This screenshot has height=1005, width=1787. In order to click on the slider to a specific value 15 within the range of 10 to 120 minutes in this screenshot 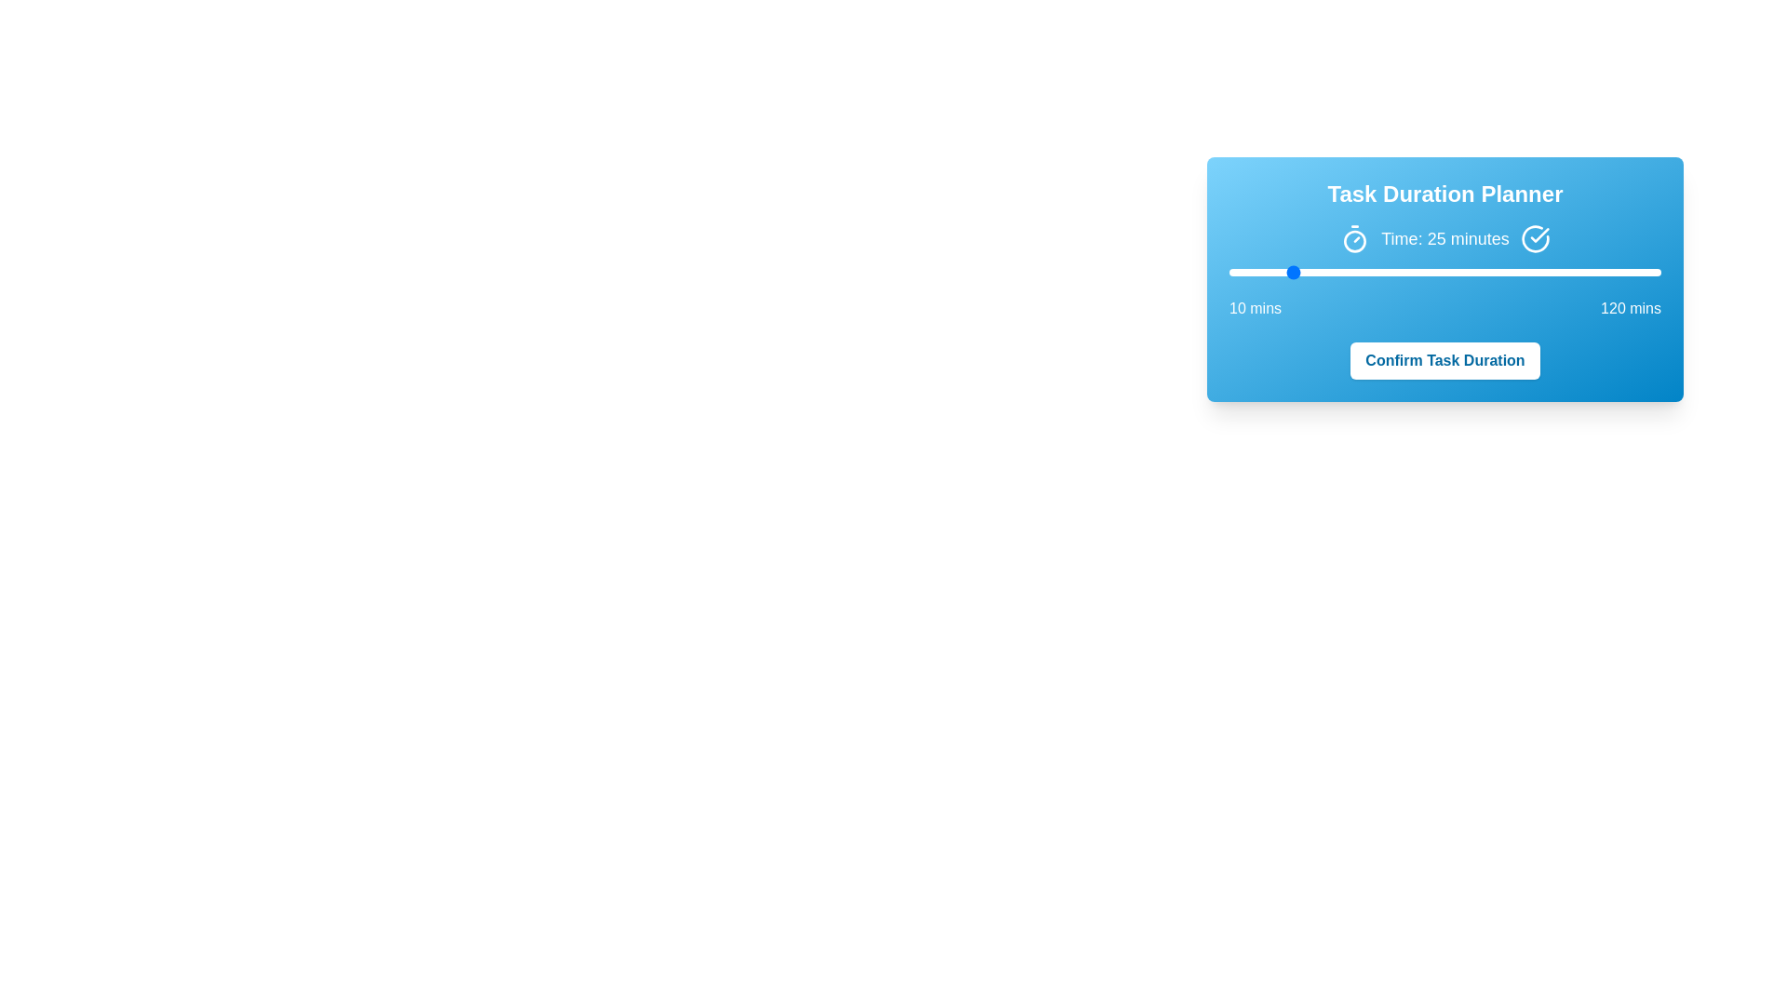, I will do `click(1249, 273)`.